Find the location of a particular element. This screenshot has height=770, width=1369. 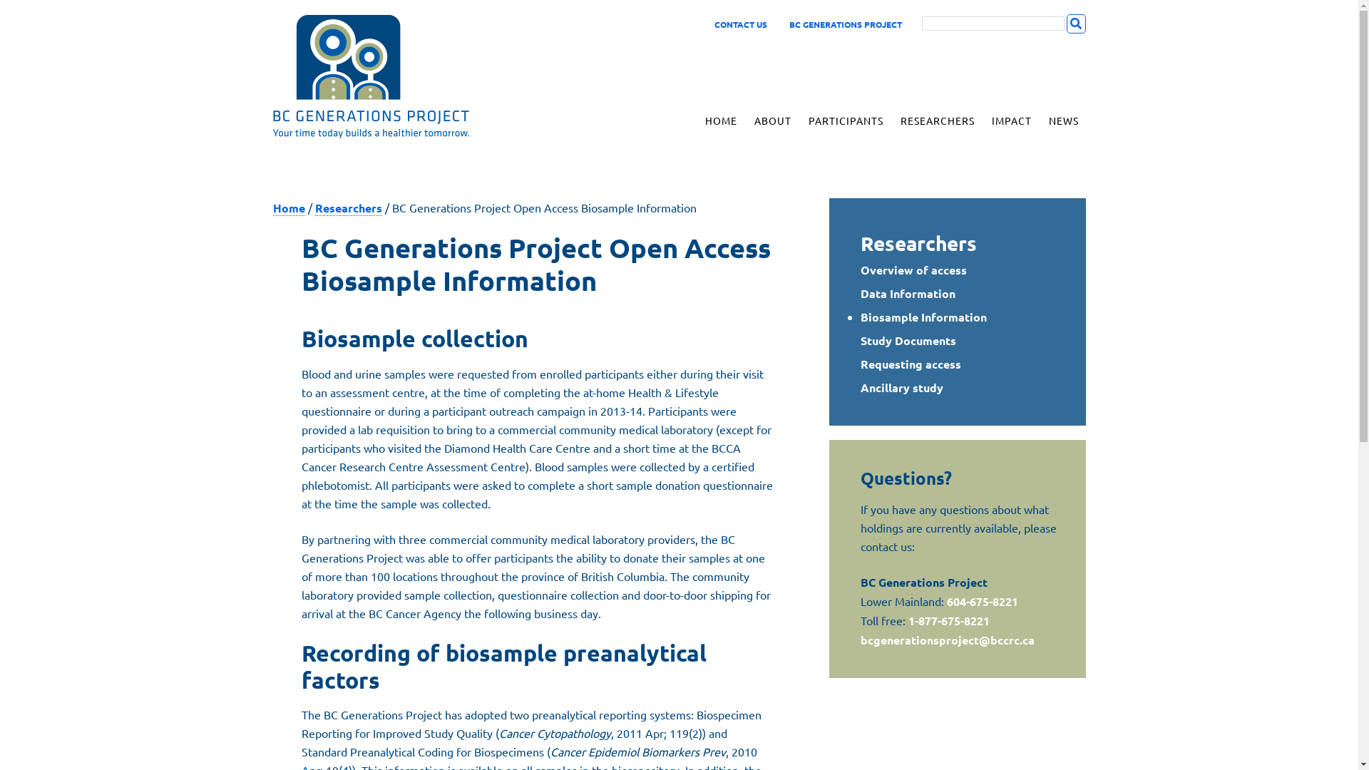

'RESEARCHERS' is located at coordinates (937, 120).